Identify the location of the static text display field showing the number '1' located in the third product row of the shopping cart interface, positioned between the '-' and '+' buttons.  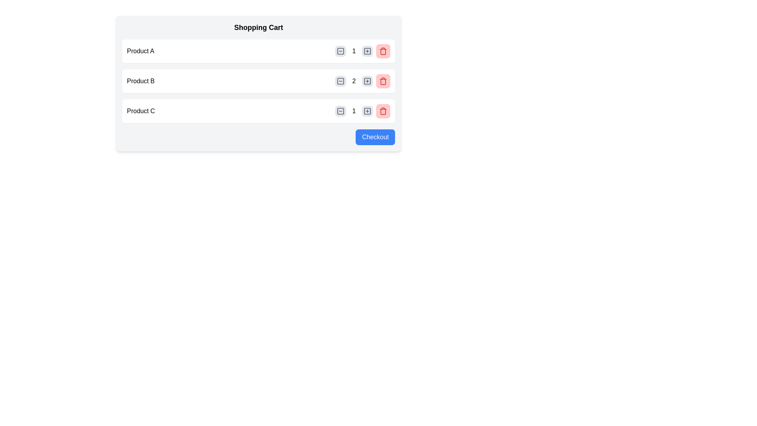
(353, 111).